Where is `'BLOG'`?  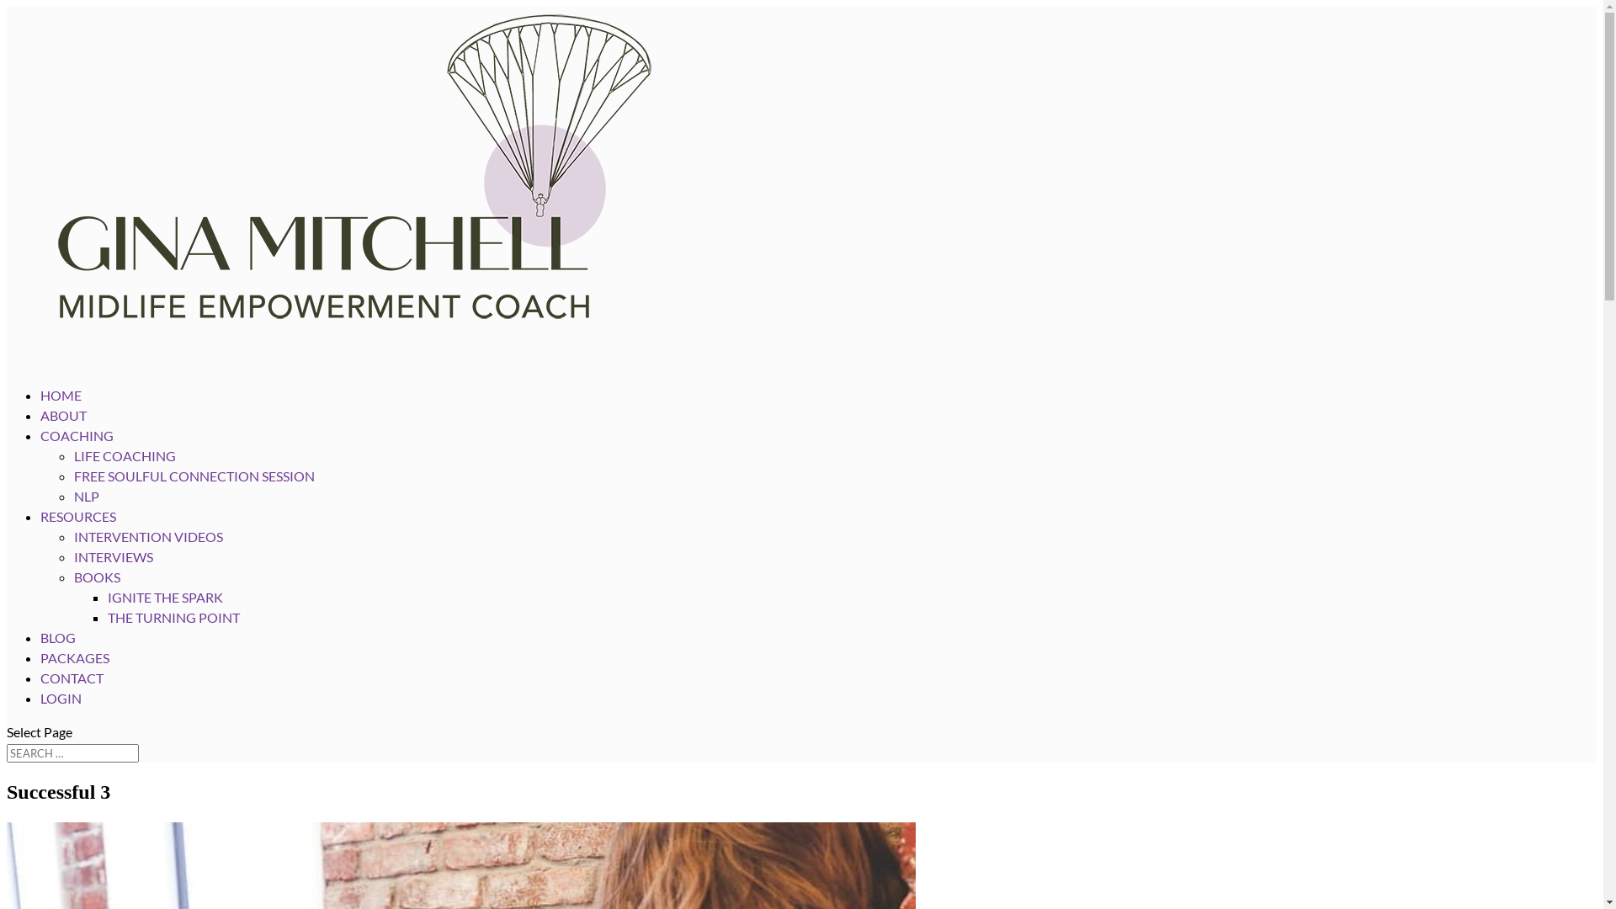 'BLOG' is located at coordinates (57, 655).